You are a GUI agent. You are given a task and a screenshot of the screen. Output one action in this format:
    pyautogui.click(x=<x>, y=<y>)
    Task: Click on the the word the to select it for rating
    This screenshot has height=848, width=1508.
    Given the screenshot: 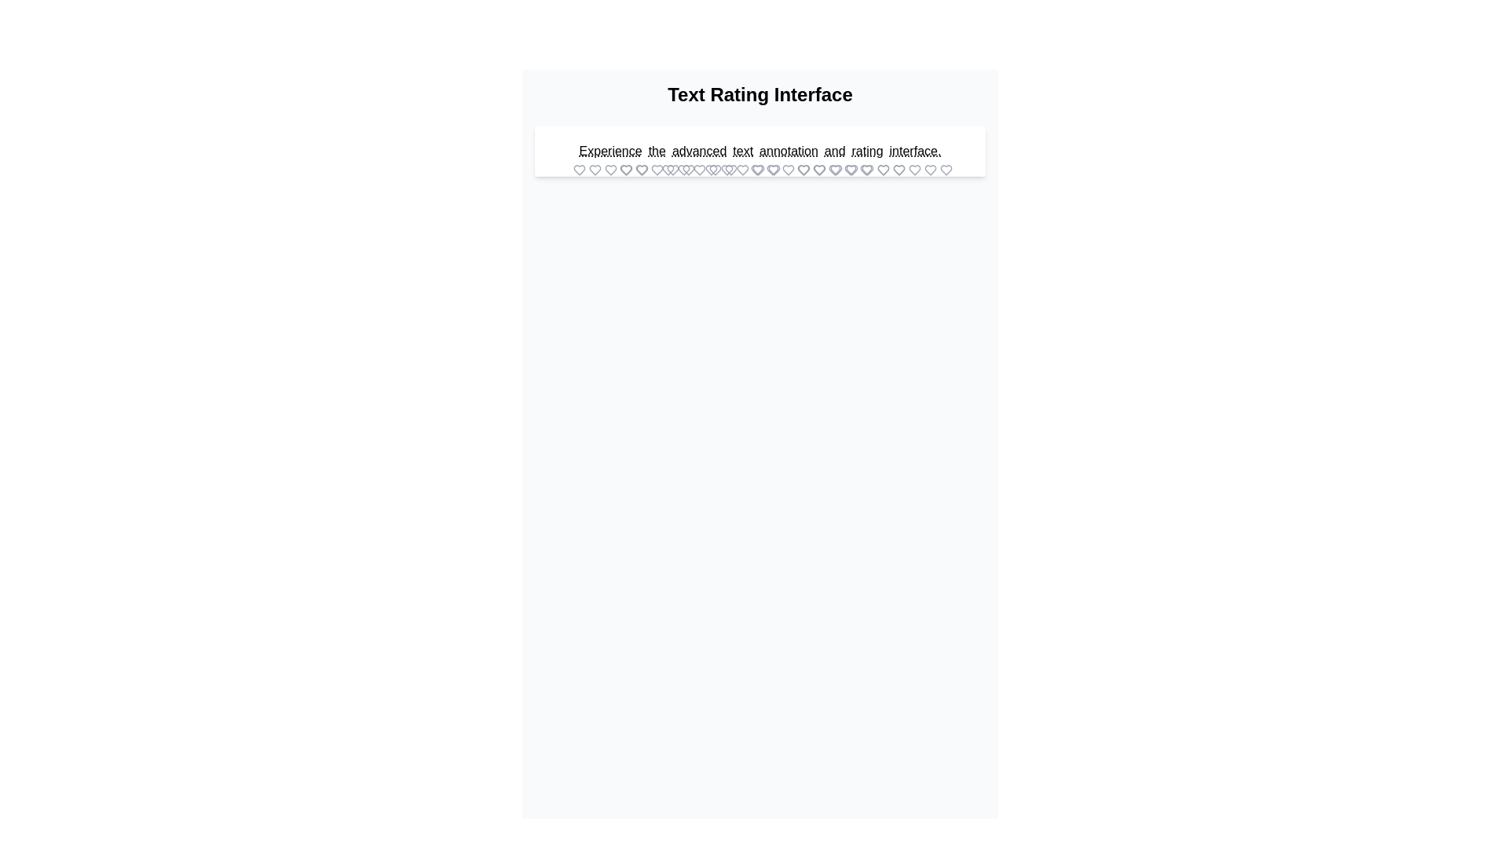 What is the action you would take?
    pyautogui.click(x=657, y=151)
    